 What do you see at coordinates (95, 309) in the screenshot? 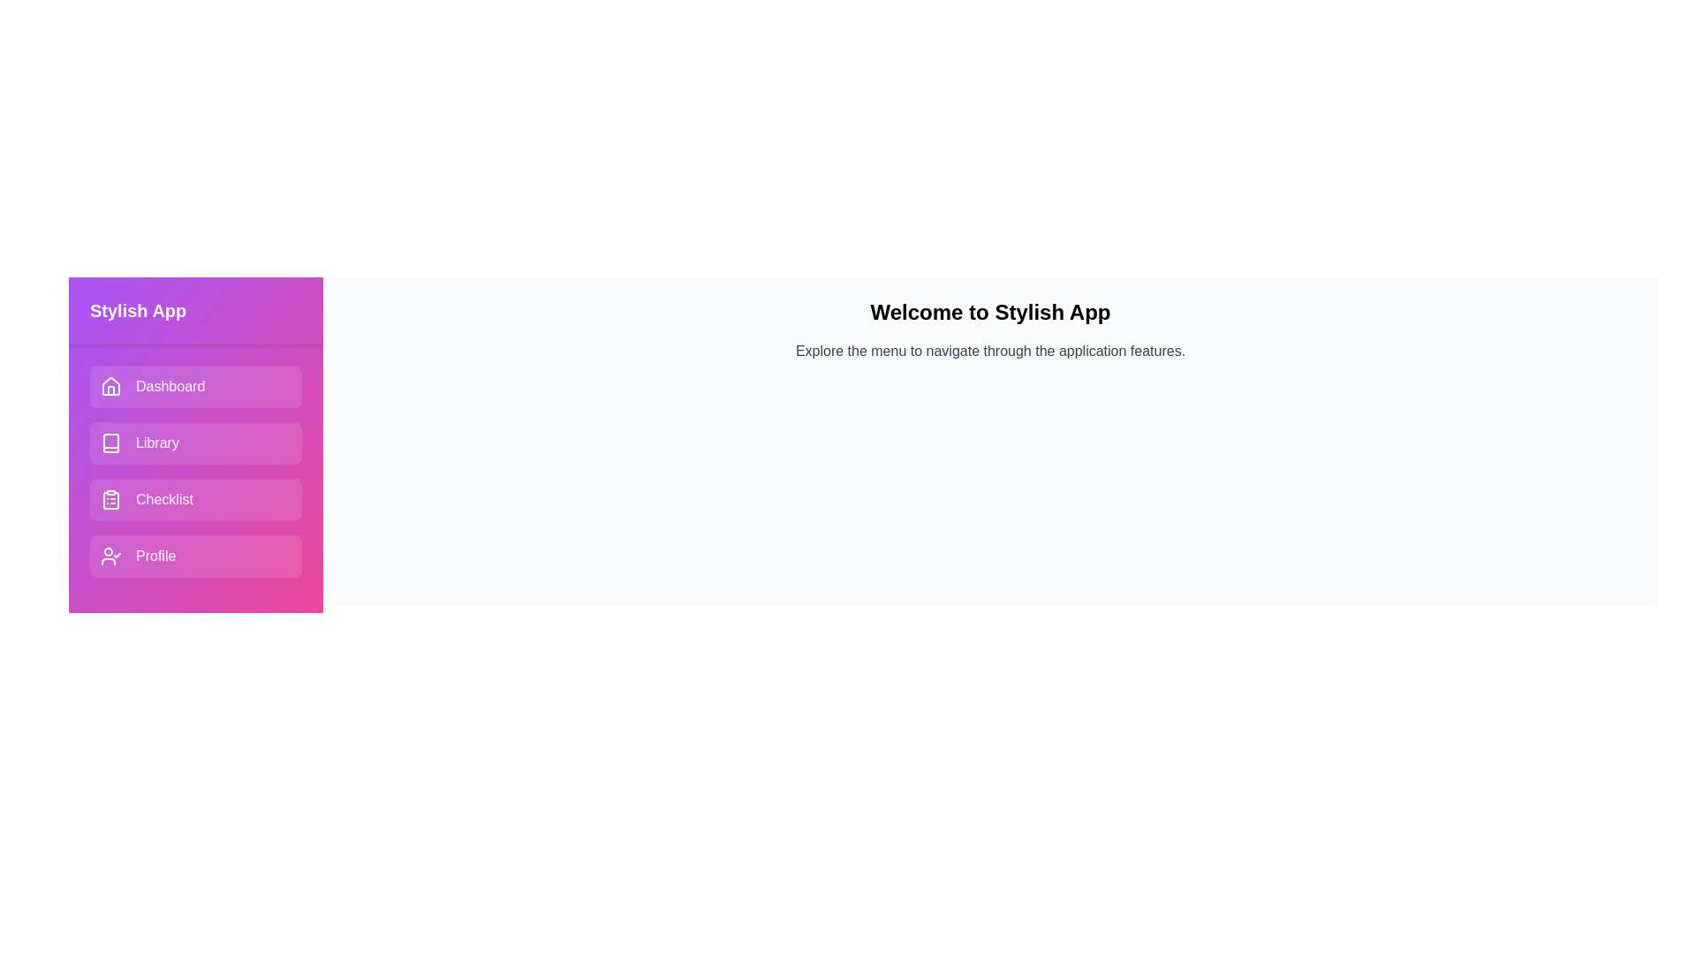
I see `toggle button in the header of the drawer to toggle its visibility` at bounding box center [95, 309].